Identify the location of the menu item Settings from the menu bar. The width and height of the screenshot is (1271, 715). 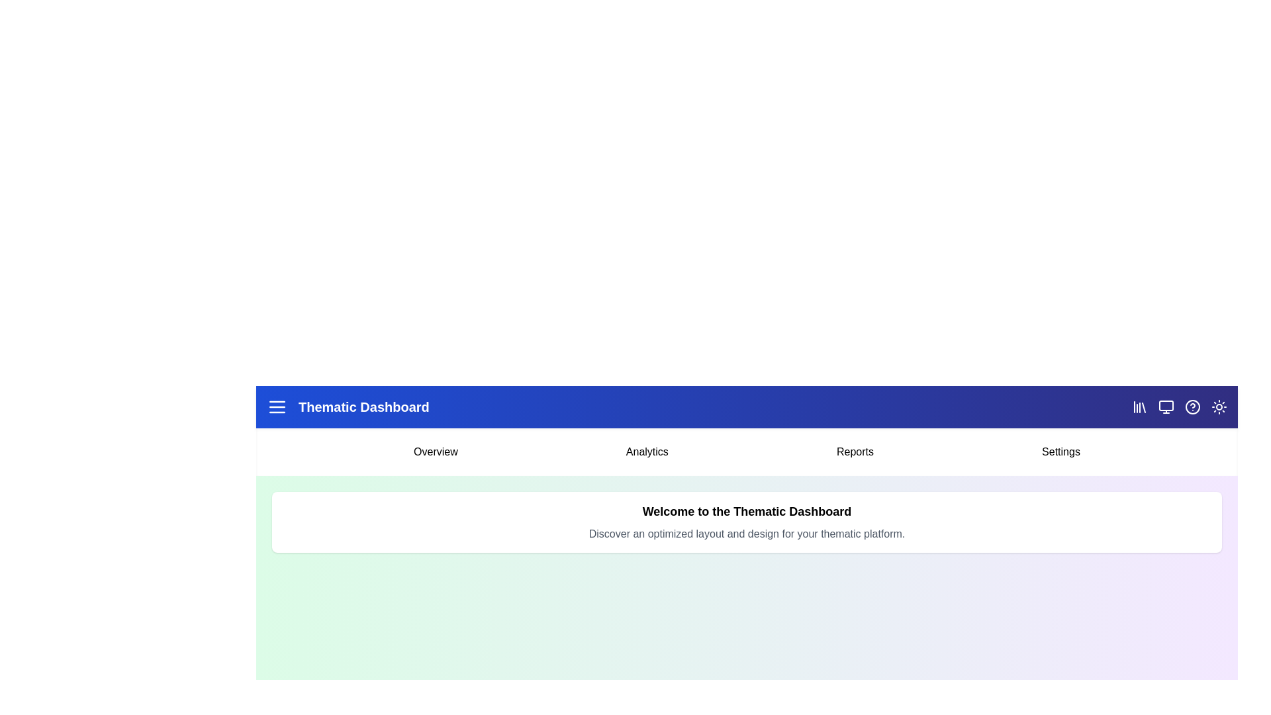
(1061, 451).